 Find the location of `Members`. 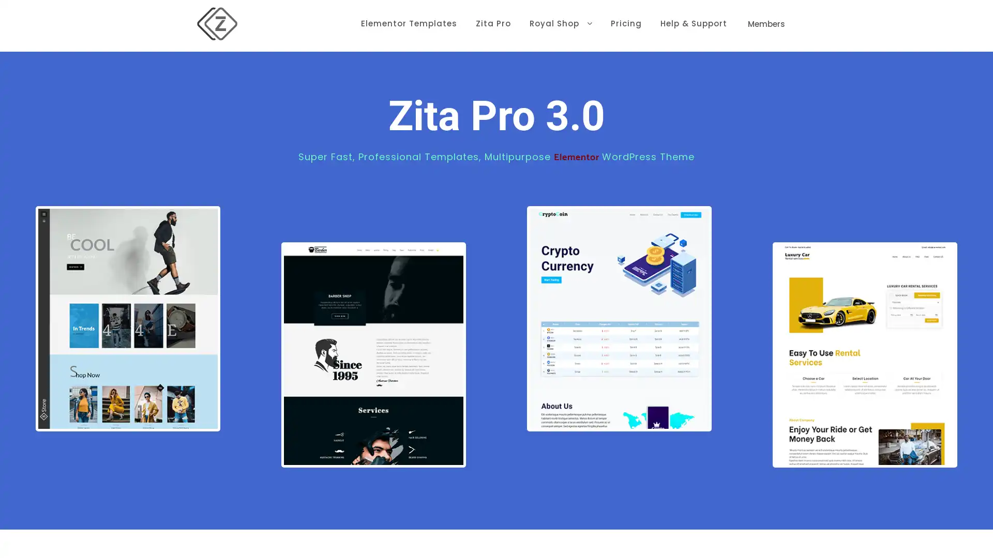

Members is located at coordinates (766, 23).